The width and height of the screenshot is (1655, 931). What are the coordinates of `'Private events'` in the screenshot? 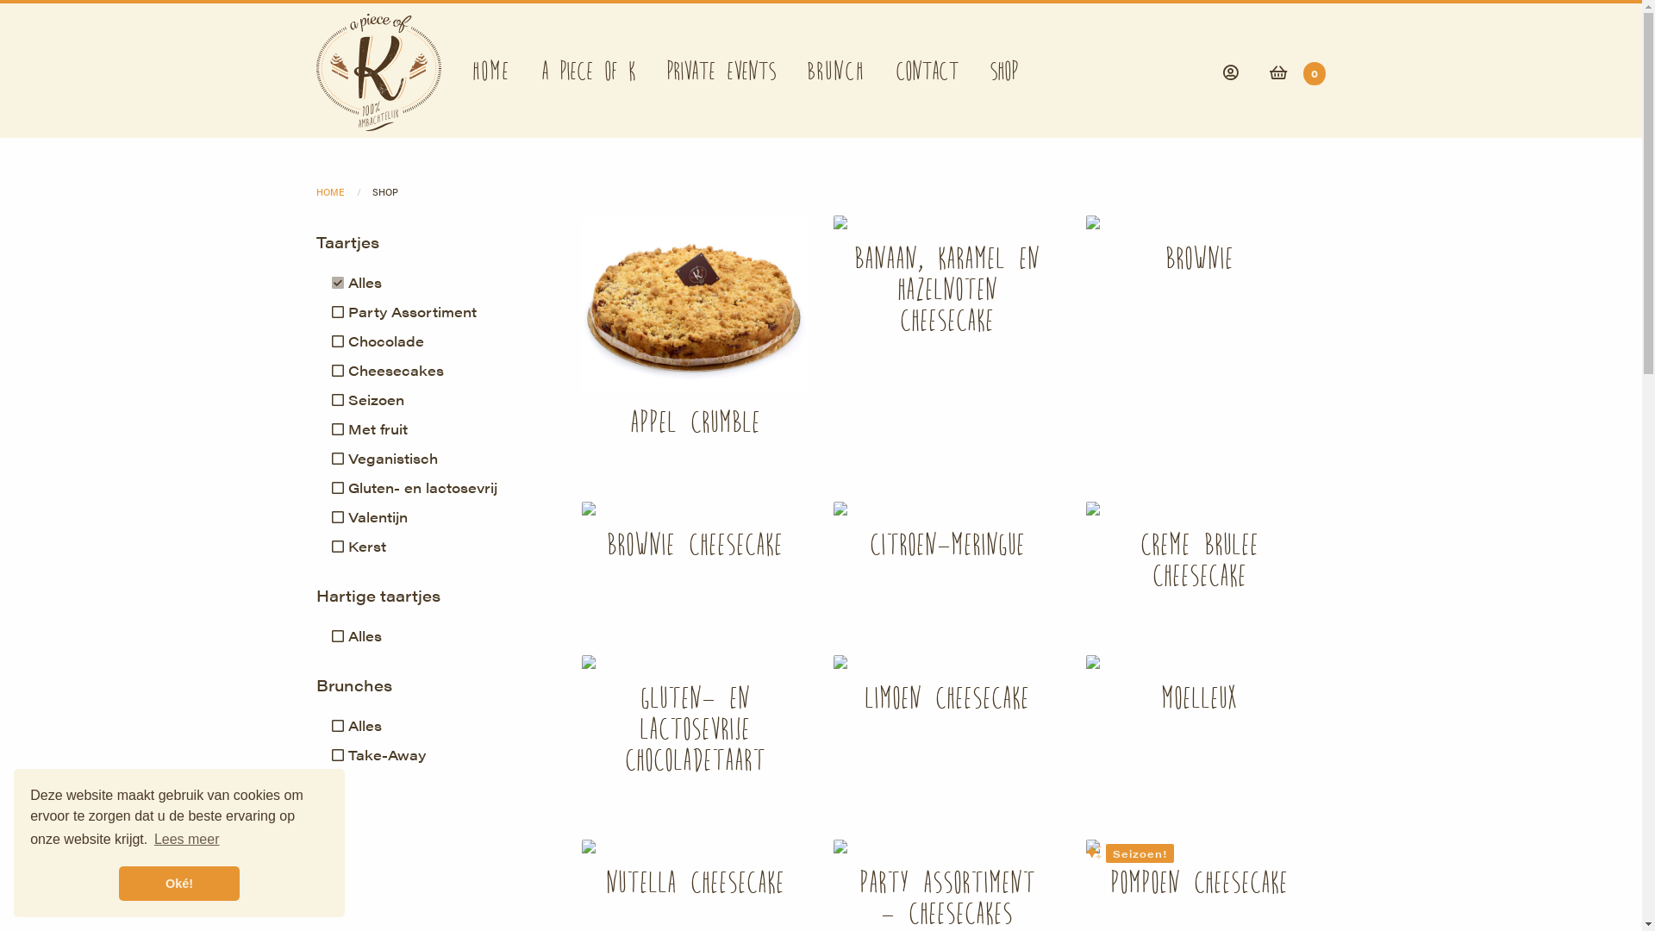 It's located at (649, 72).